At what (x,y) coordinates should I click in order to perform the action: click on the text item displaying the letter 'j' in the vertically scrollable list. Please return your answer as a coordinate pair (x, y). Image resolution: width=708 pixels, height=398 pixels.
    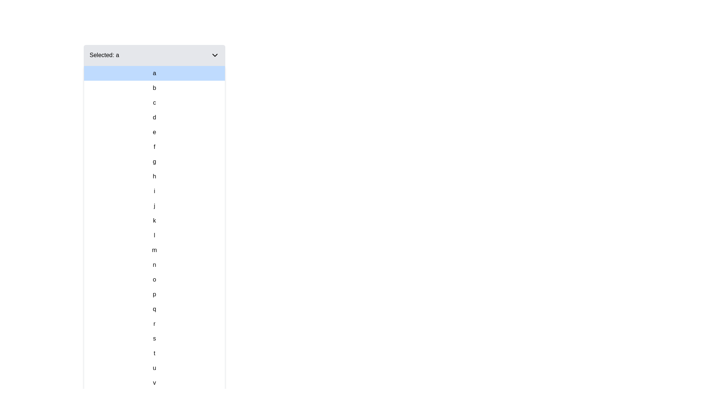
    Looking at the image, I should click on (154, 206).